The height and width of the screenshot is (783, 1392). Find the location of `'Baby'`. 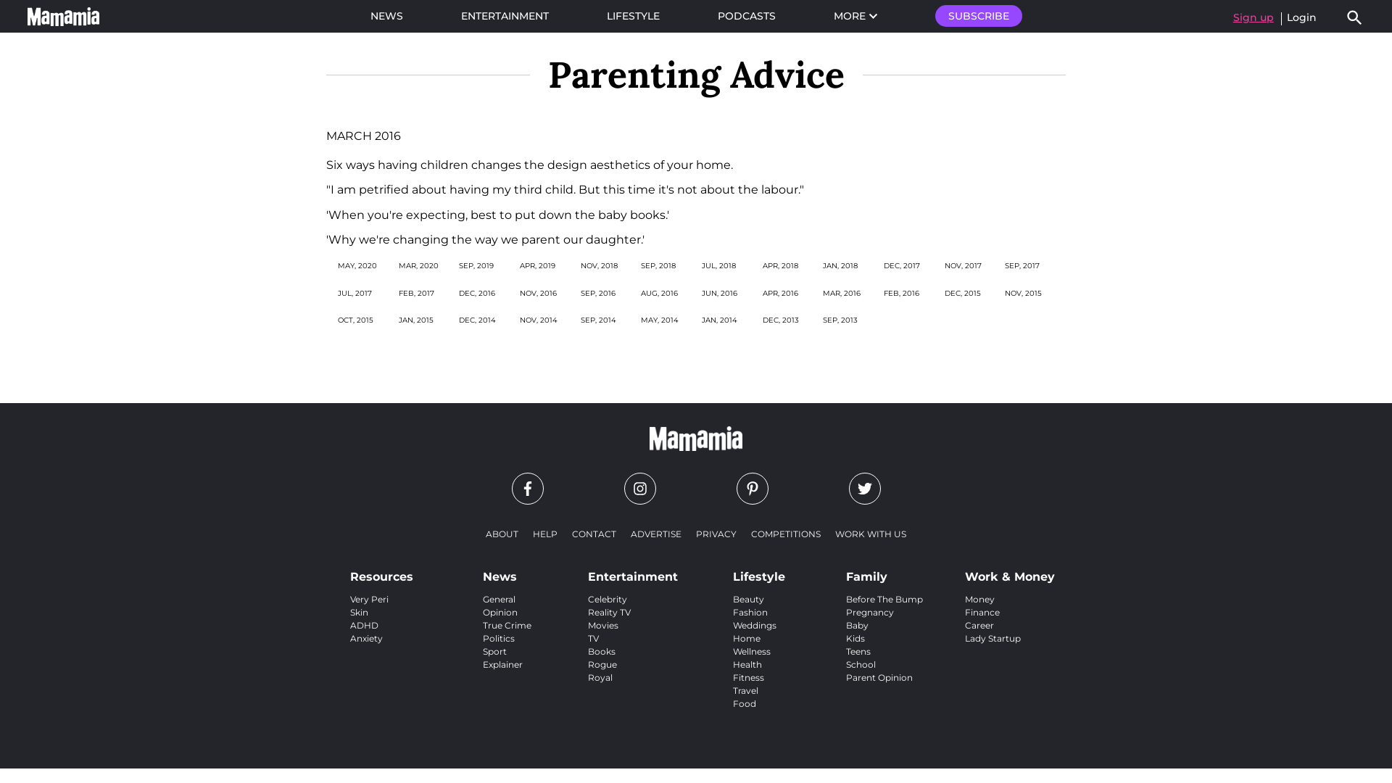

'Baby' is located at coordinates (845, 624).